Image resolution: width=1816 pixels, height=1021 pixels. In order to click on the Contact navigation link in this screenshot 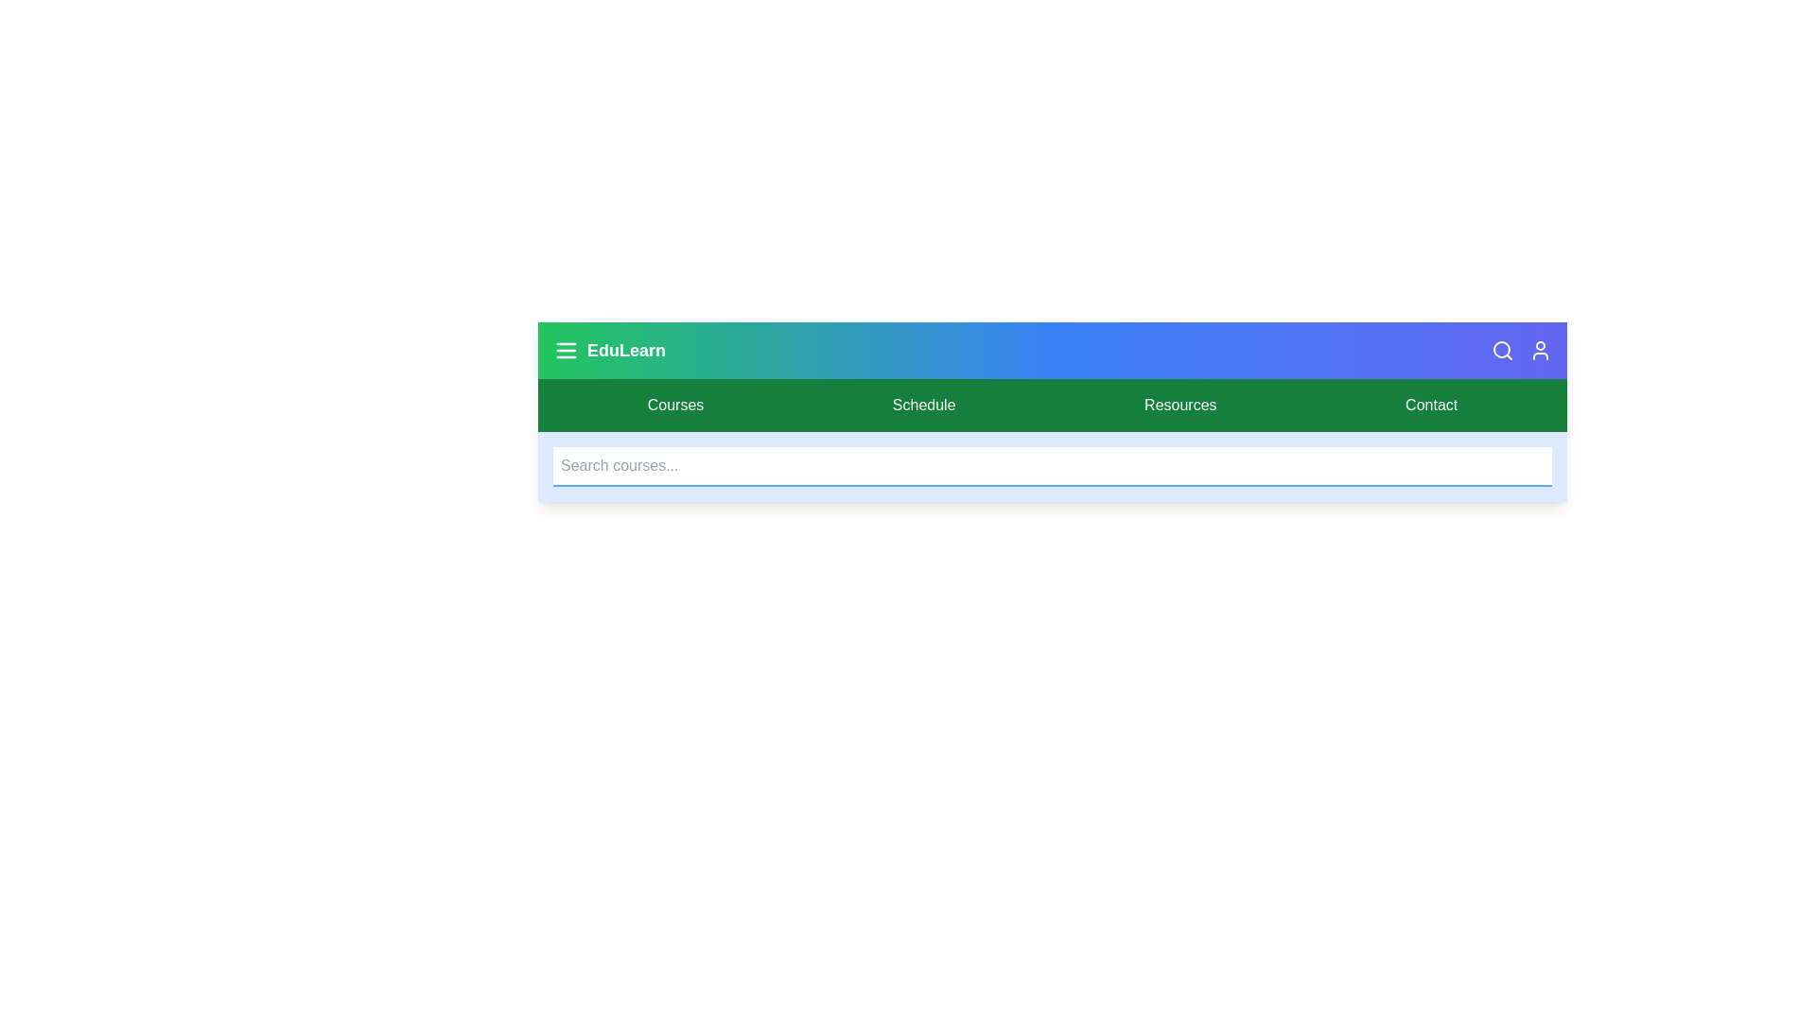, I will do `click(1430, 404)`.